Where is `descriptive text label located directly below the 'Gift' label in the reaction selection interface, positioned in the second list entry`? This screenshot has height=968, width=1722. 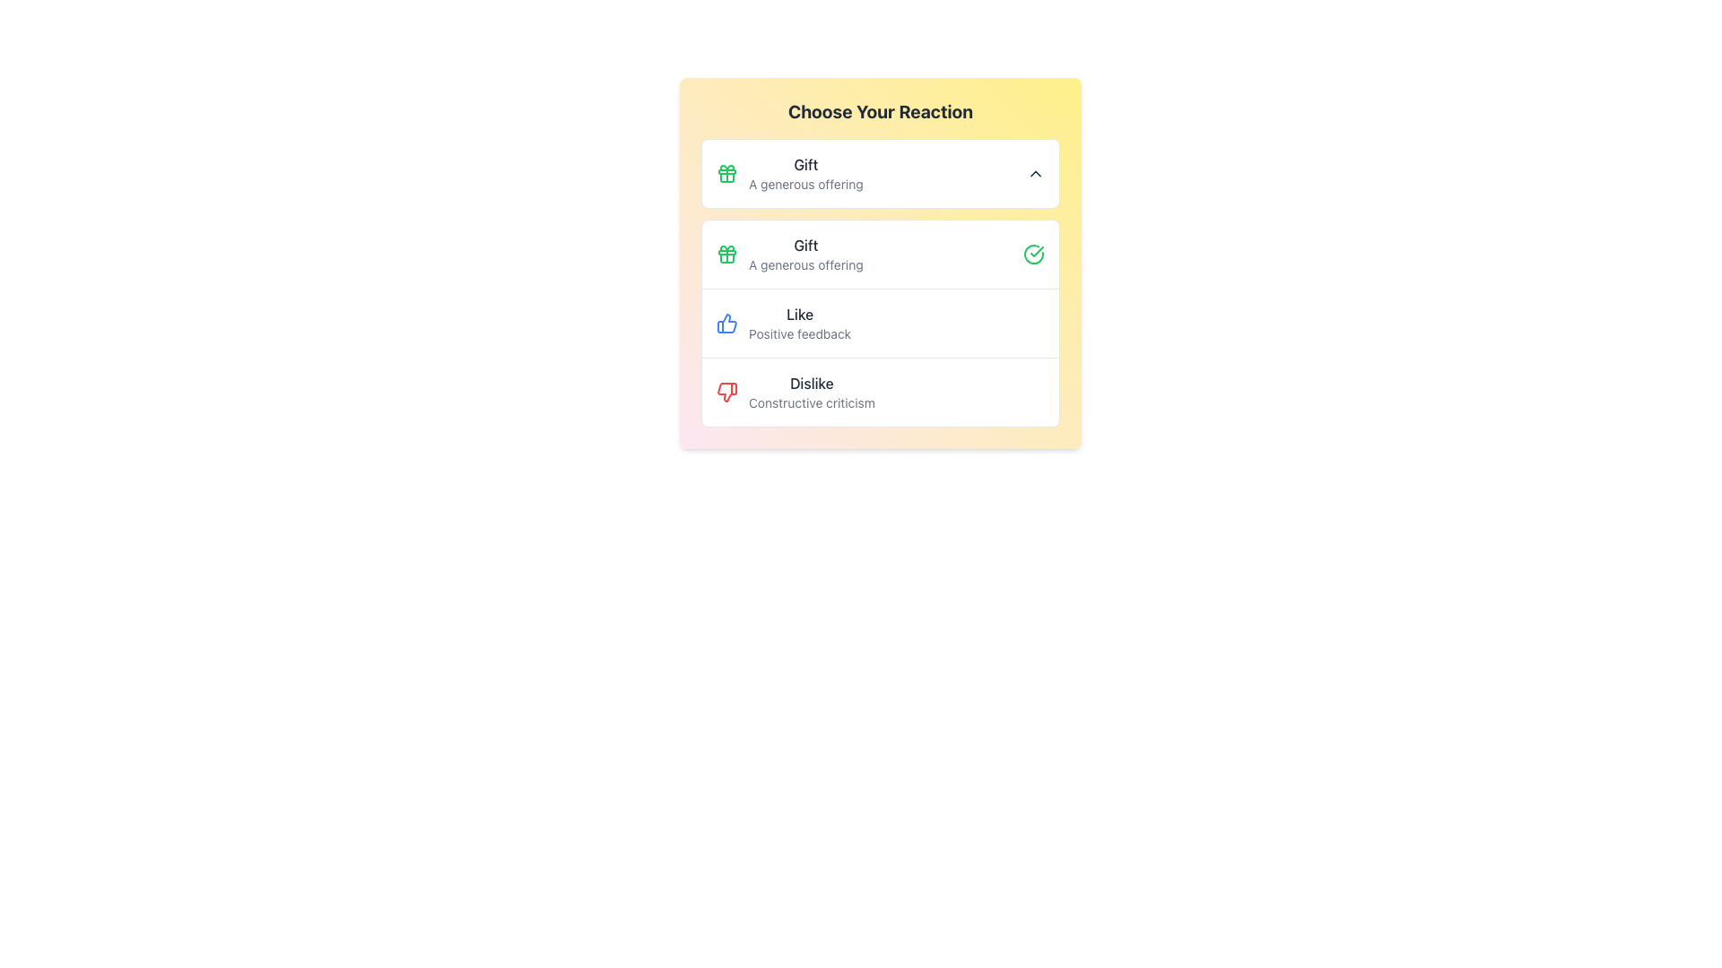
descriptive text label located directly below the 'Gift' label in the reaction selection interface, positioned in the second list entry is located at coordinates (804, 265).